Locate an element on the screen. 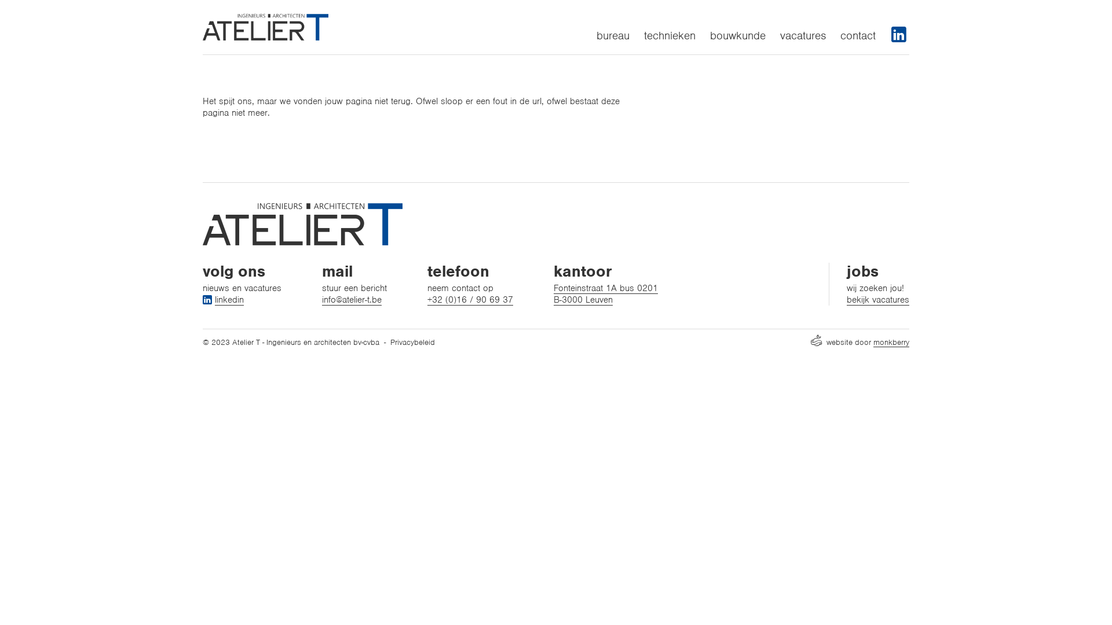 This screenshot has width=1112, height=625. 'website door monkberry' is located at coordinates (859, 341).